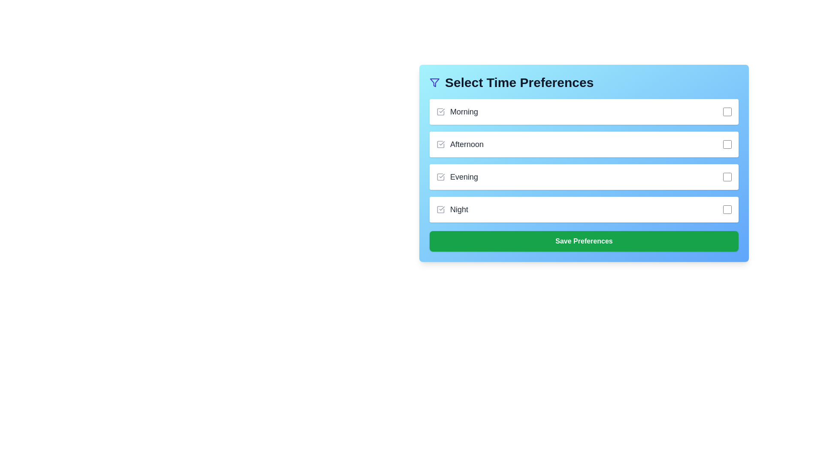  Describe the element at coordinates (459, 210) in the screenshot. I see `text of the 'Night' label, which is styled with a larger, bold font and dark gray color, located beside a checkbox in the 'Select Time Preferences' section` at that location.